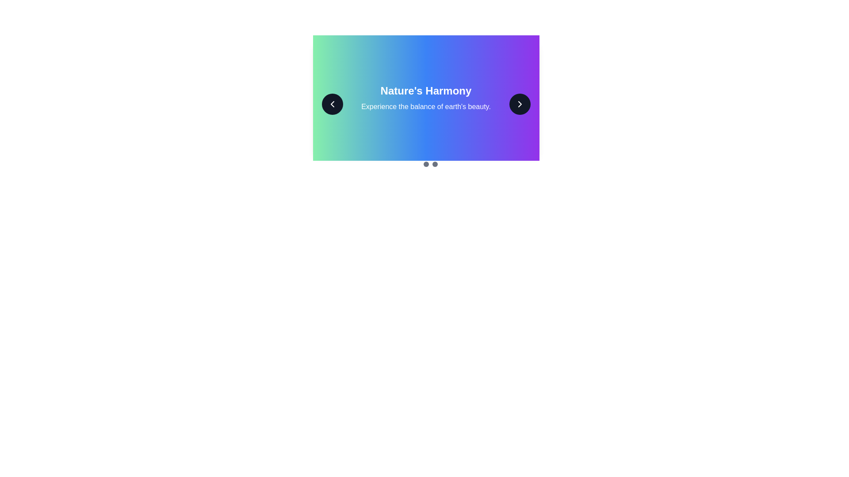 The width and height of the screenshot is (849, 477). Describe the element at coordinates (417, 164) in the screenshot. I see `the first carousel indicator dot` at that location.